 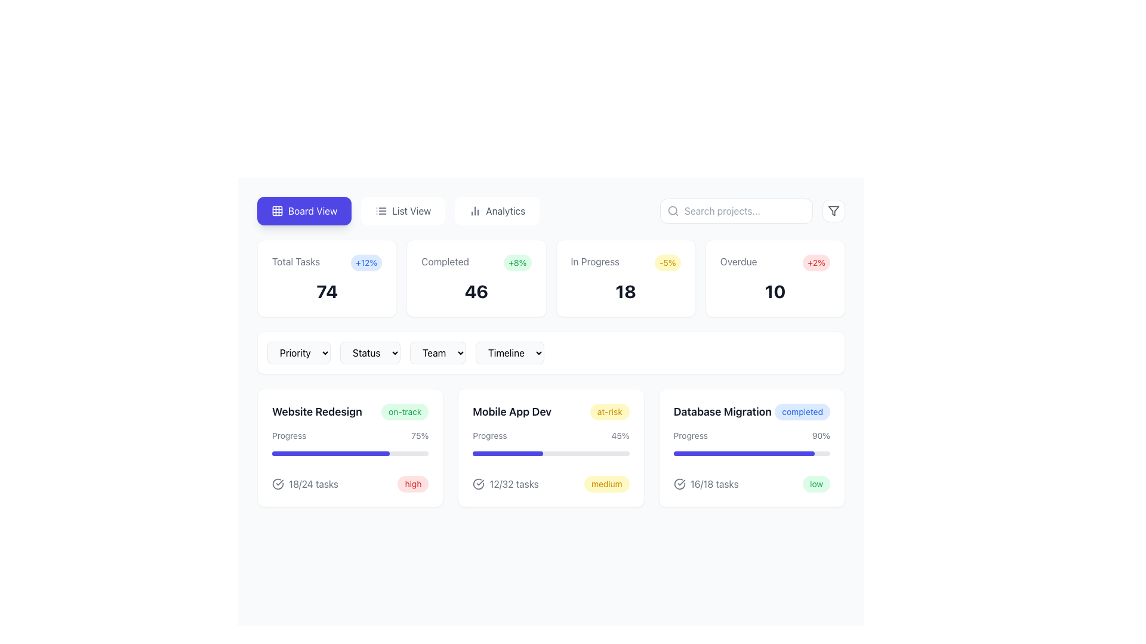 I want to click on text label displaying 'Completed' in gray color, located in the second block from the left under the title 'Total Tasks', so click(x=445, y=261).